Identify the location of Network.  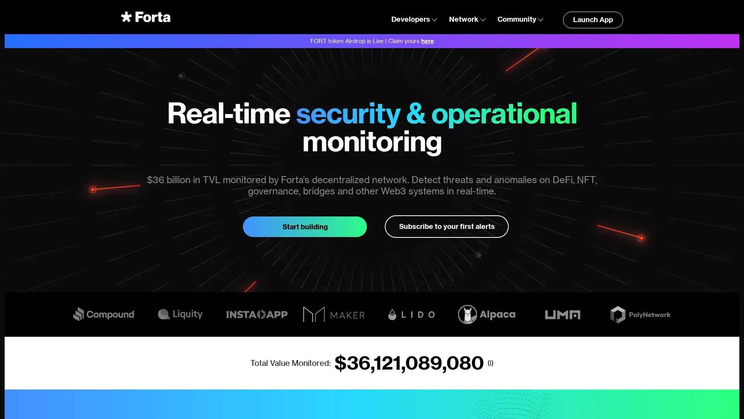
(467, 19).